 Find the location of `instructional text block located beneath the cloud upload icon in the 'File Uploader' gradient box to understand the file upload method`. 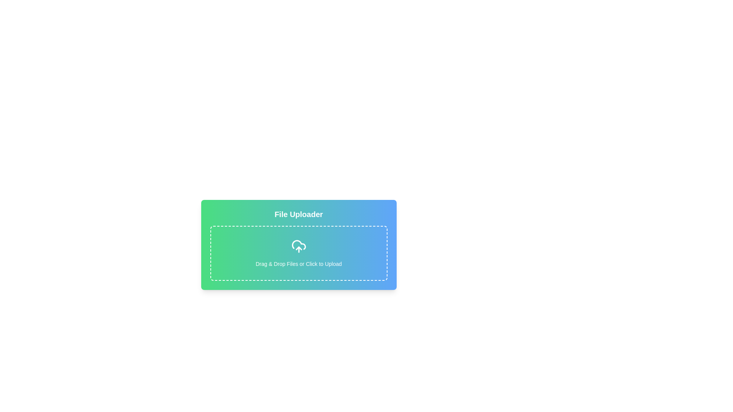

instructional text block located beneath the cloud upload icon in the 'File Uploader' gradient box to understand the file upload method is located at coordinates (298, 263).